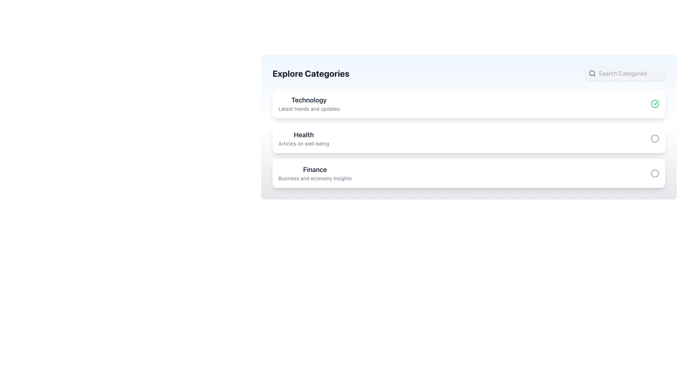 This screenshot has height=391, width=696. Describe the element at coordinates (309, 104) in the screenshot. I see `the text block displaying 'Technology' and 'Latest trends and updates', which is the first item in a vertically stacked list of cards` at that location.